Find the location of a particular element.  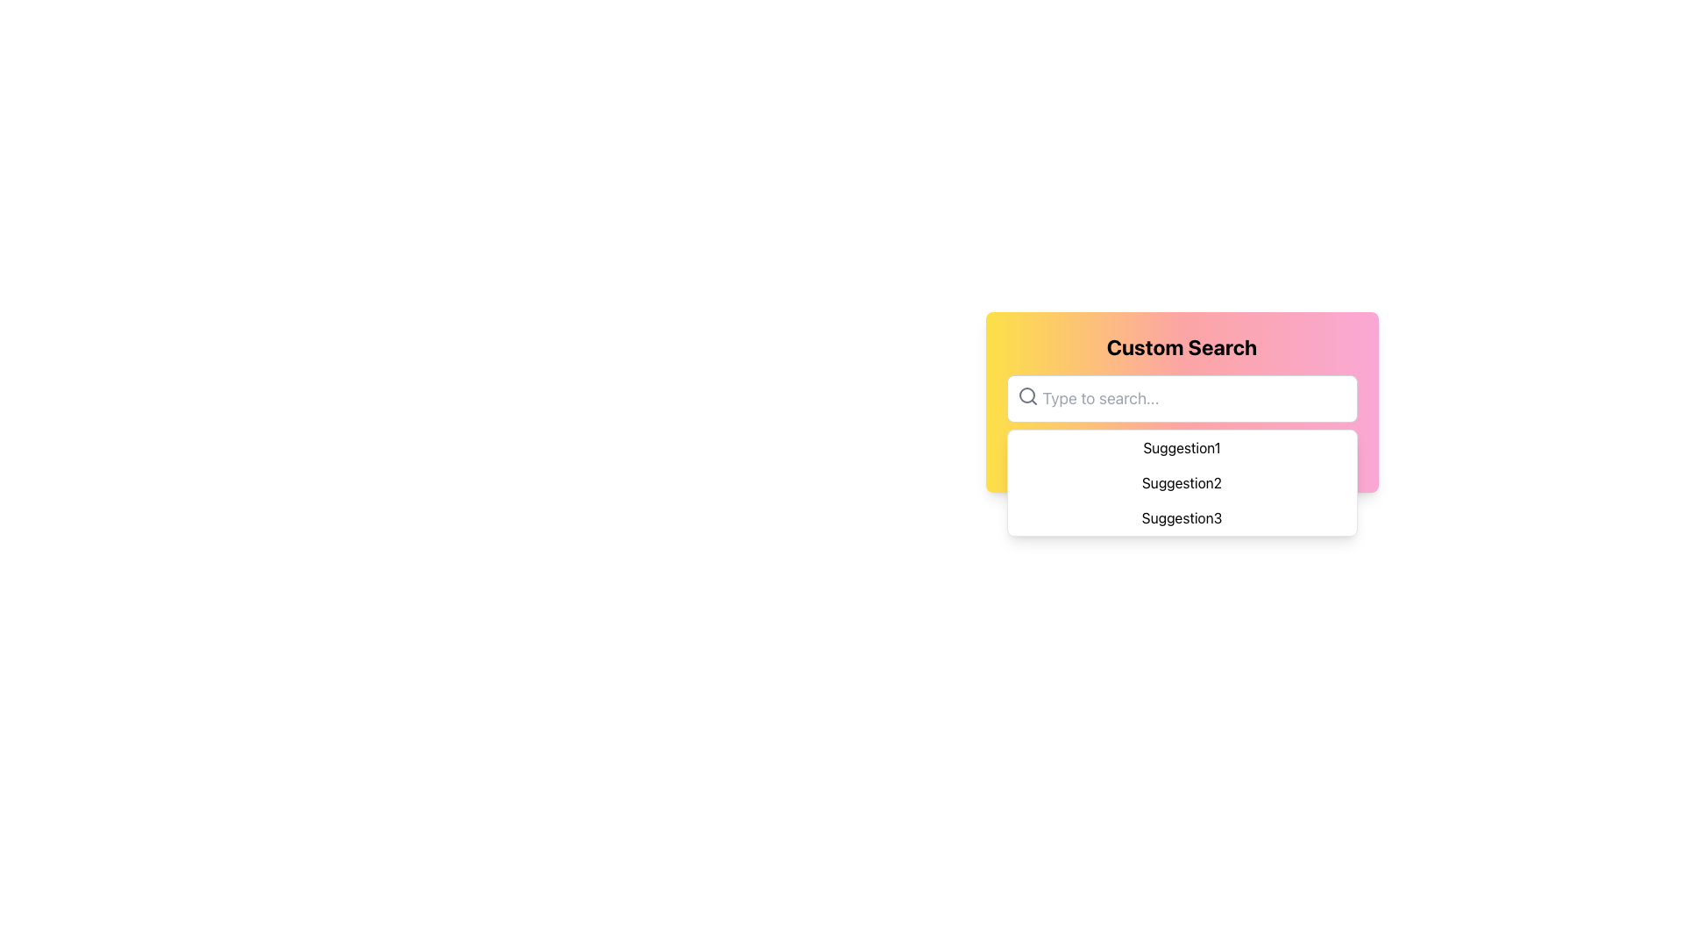

the text suggestion element labeled 'Suggestion2' in the dropdown list is located at coordinates (1182, 483).